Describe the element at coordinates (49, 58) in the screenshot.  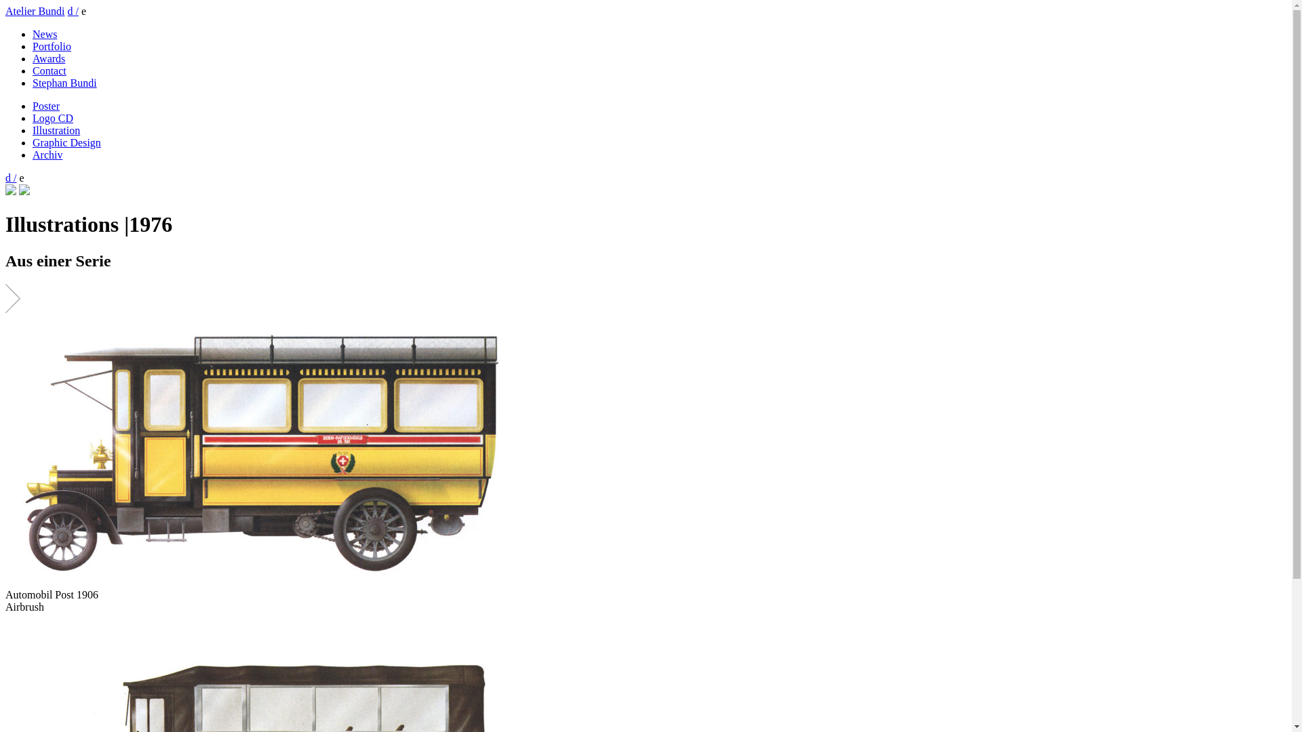
I see `'Awards'` at that location.